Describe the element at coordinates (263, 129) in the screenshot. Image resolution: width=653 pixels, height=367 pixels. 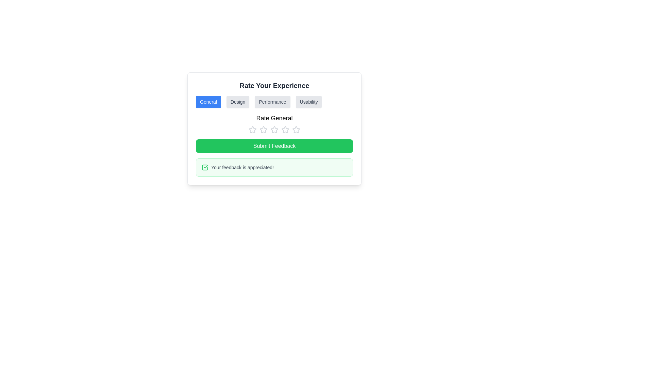
I see `the third clickable rating star icon, which is styled in gray and located in a row of five stars below the 'Rate General' text` at that location.